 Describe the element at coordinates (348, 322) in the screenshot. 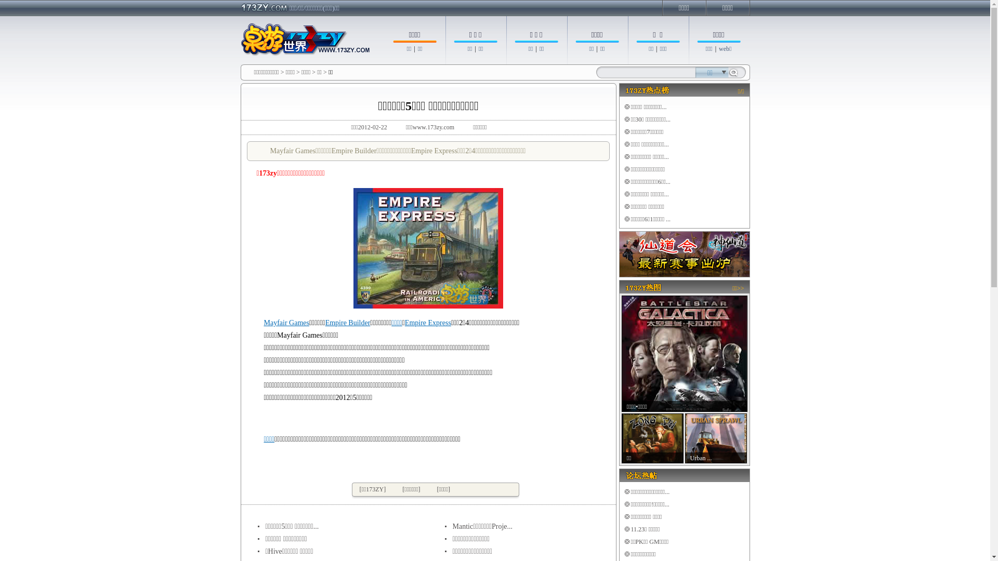

I see `'Empire Builder'` at that location.